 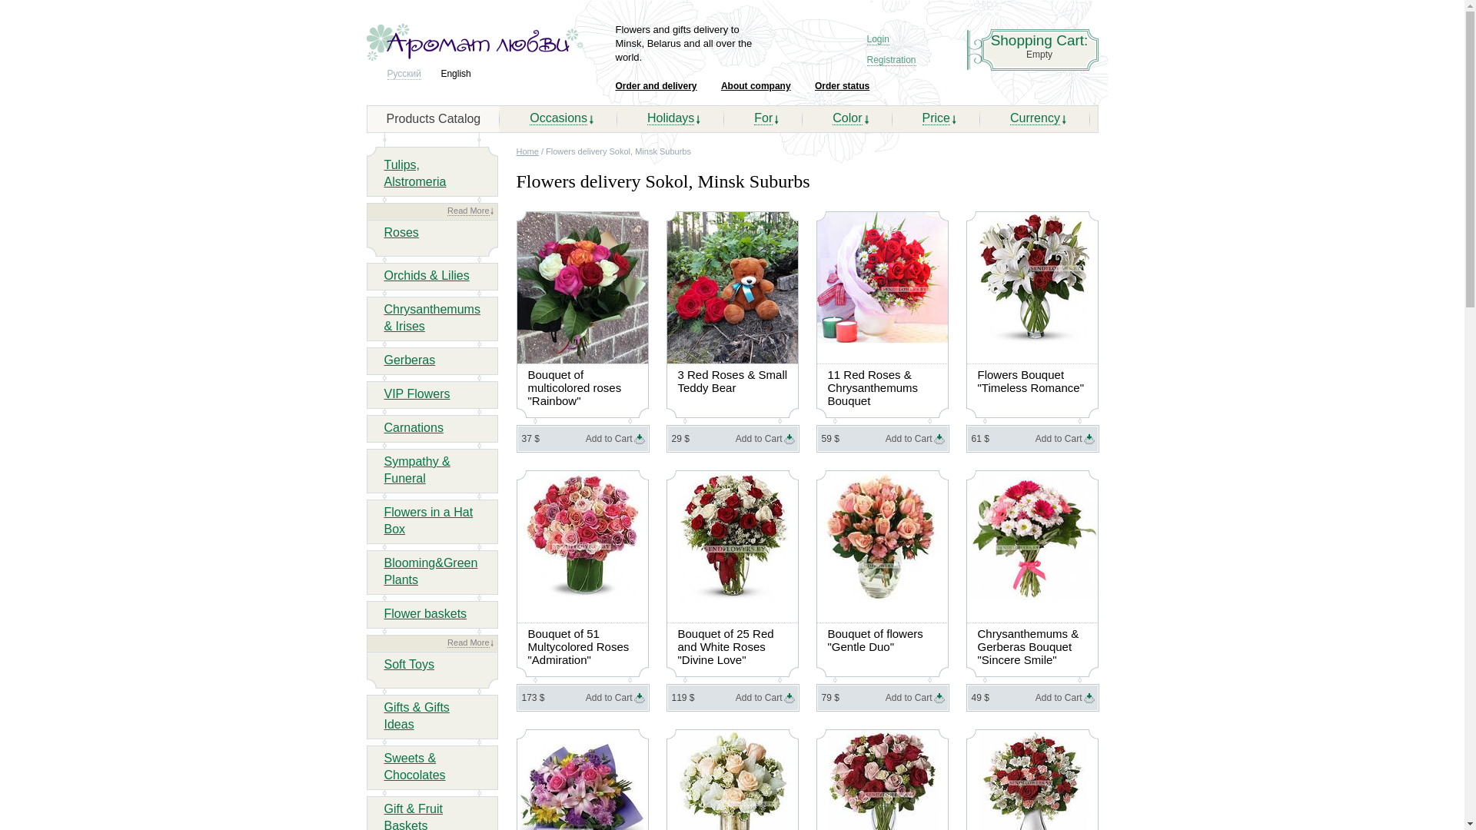 I want to click on 'Currency', so click(x=1010, y=118).